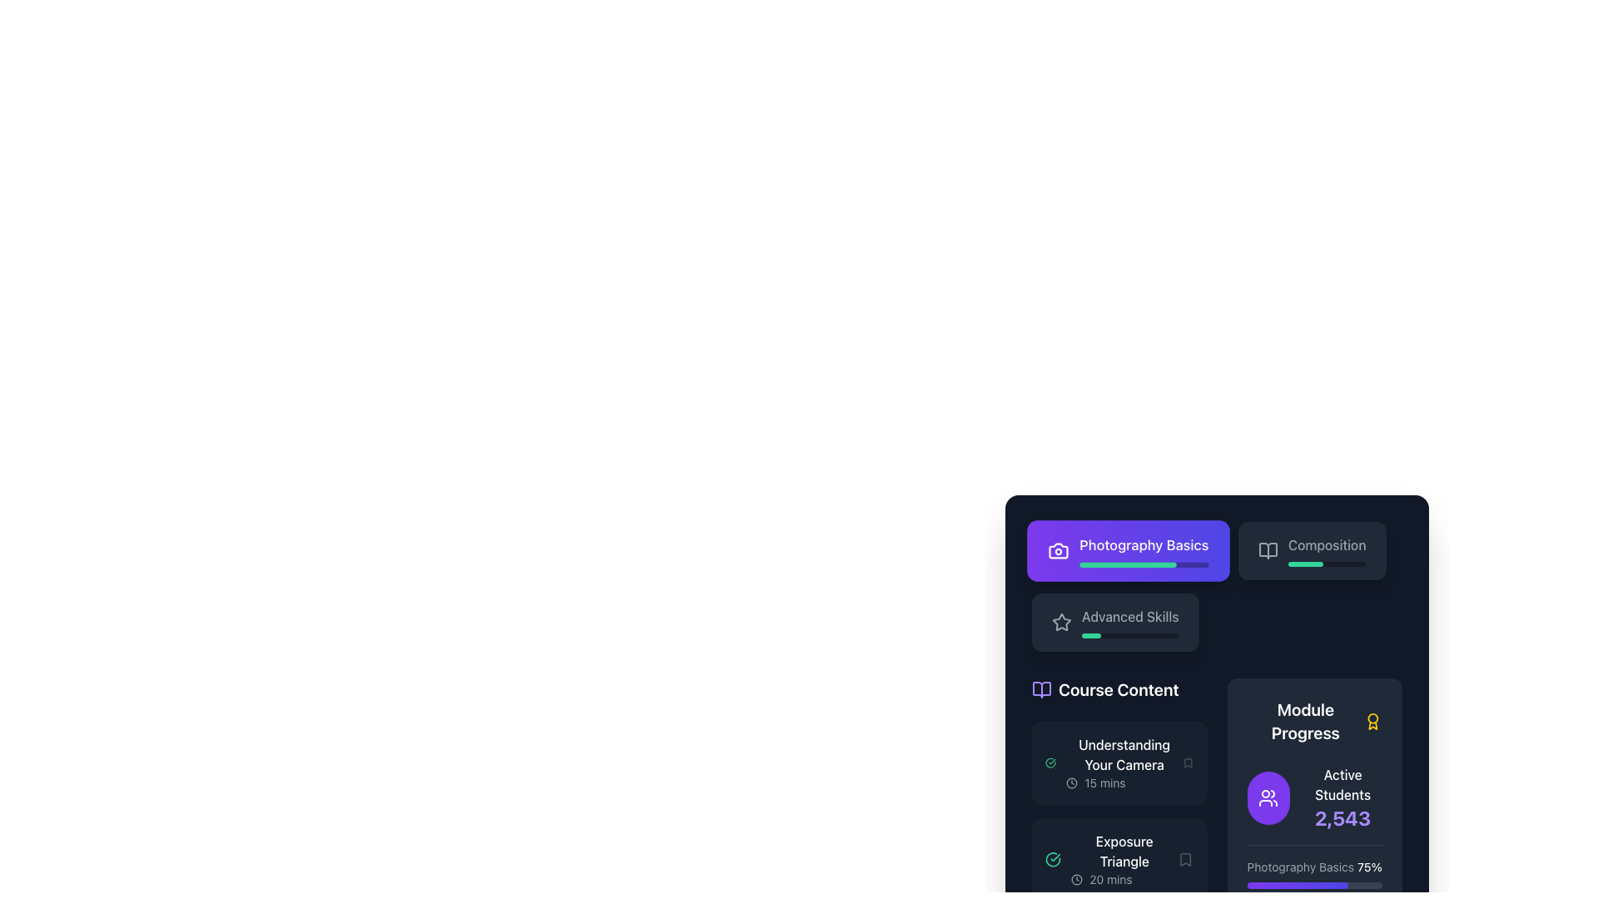 Image resolution: width=1598 pixels, height=899 pixels. What do you see at coordinates (1326, 551) in the screenshot?
I see `the labeled progress bar titled 'Composition'` at bounding box center [1326, 551].